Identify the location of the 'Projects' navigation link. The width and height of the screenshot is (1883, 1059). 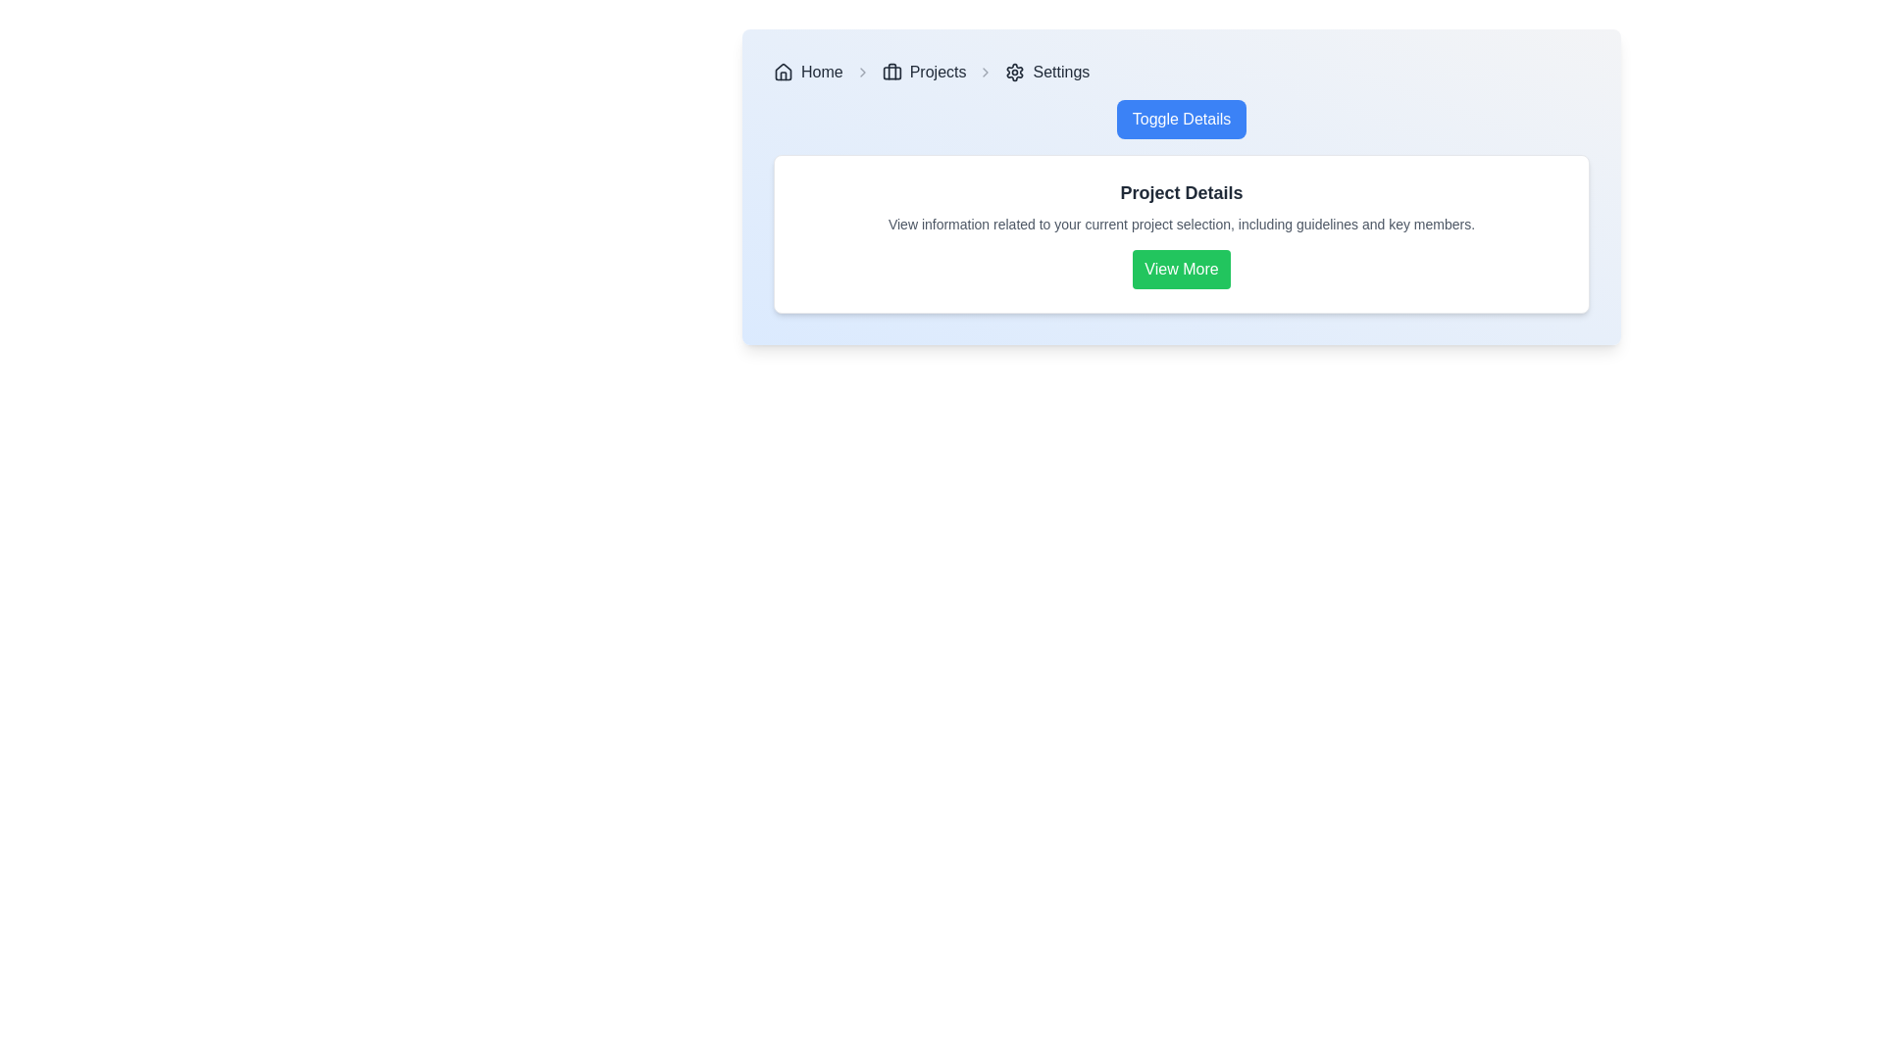
(923, 71).